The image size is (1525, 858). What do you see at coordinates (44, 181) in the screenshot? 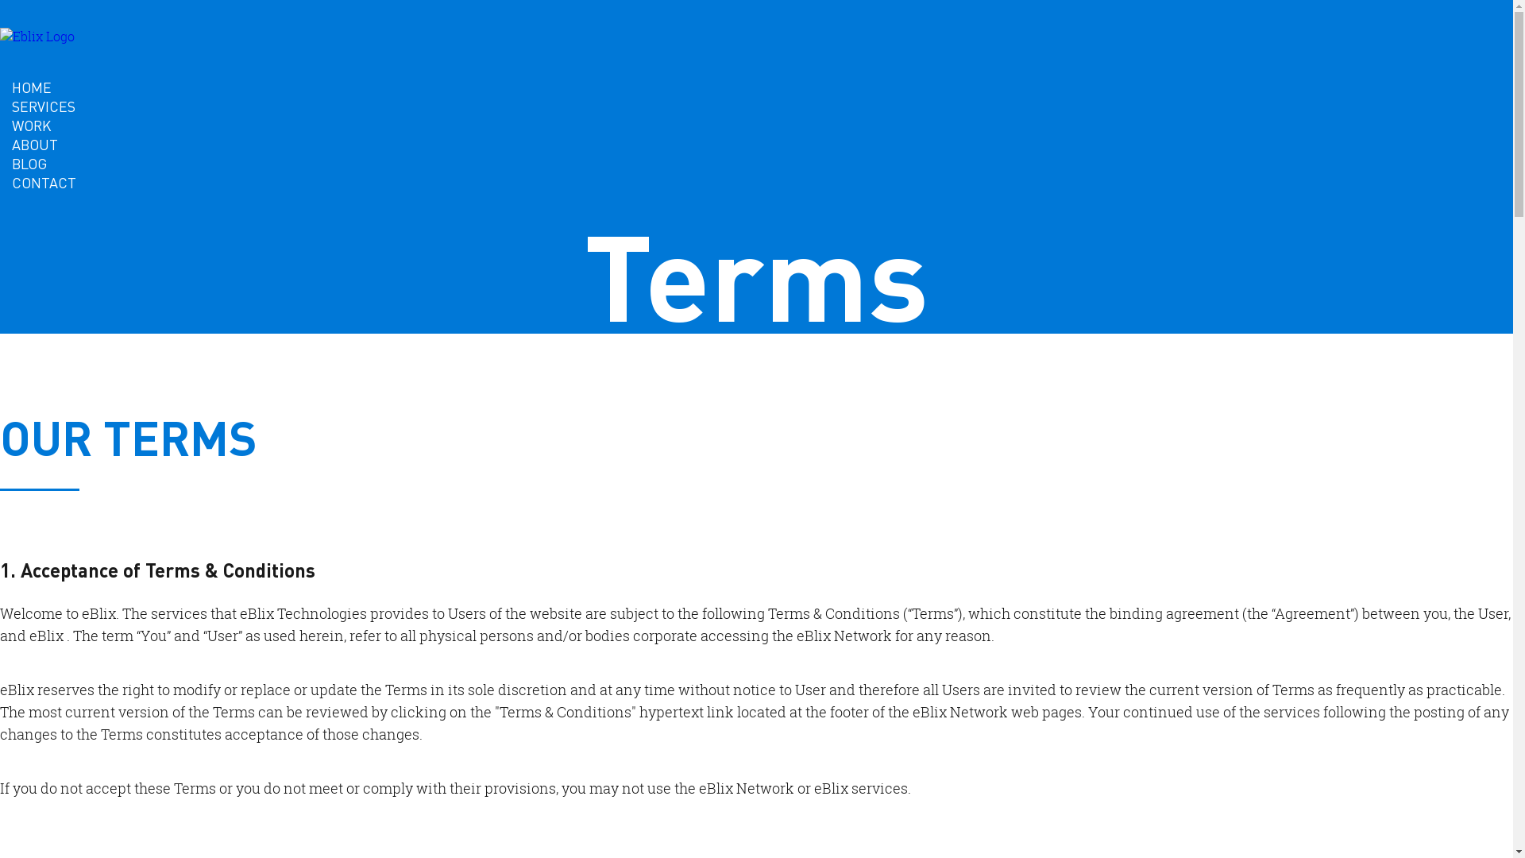
I see `'CONTACT'` at bounding box center [44, 181].